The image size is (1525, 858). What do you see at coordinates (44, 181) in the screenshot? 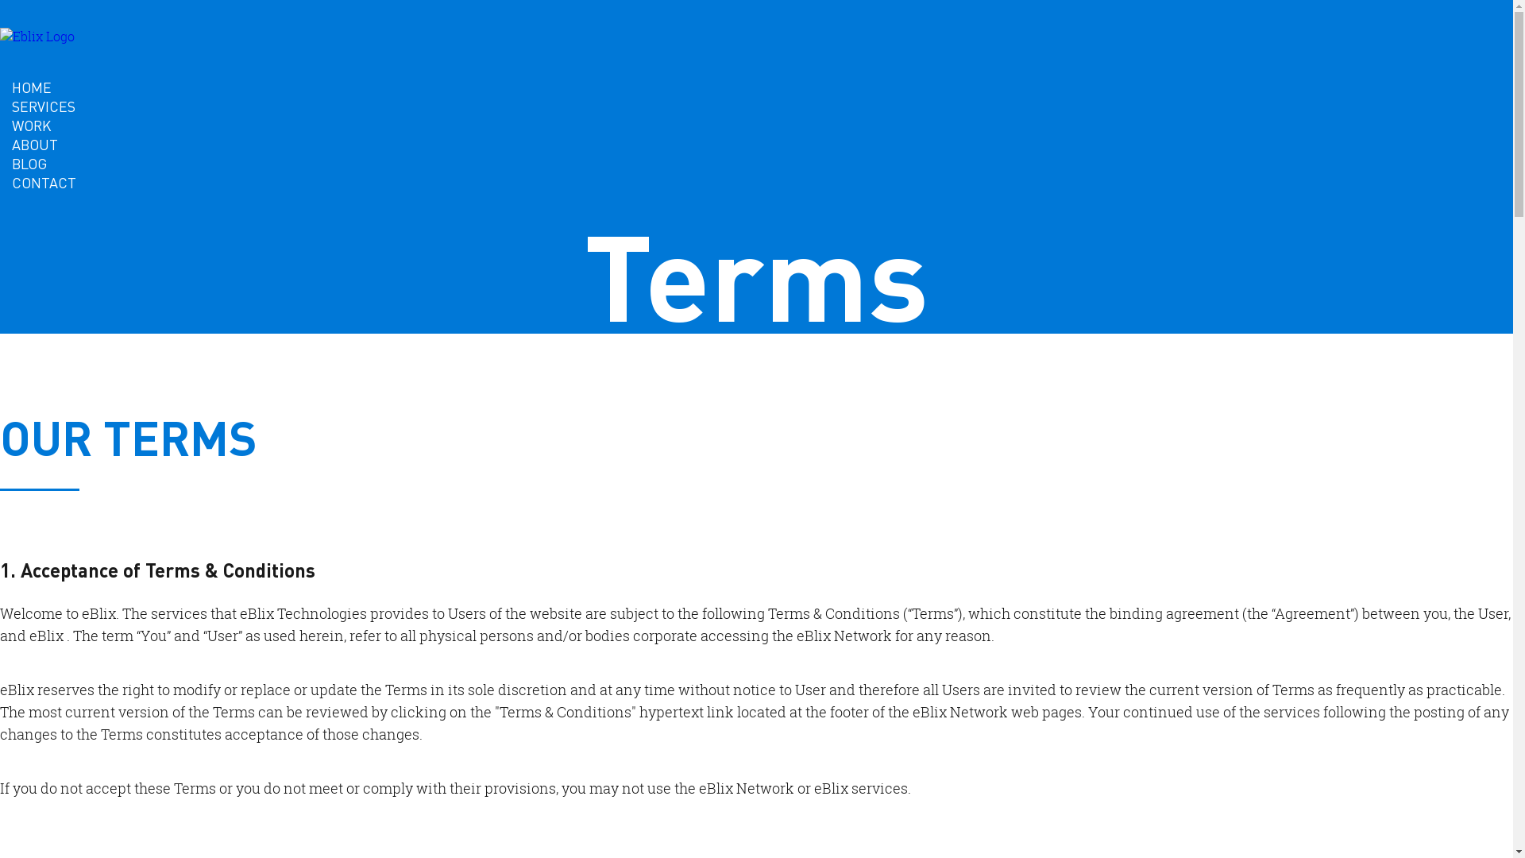
I see `'CONTACT'` at bounding box center [44, 181].